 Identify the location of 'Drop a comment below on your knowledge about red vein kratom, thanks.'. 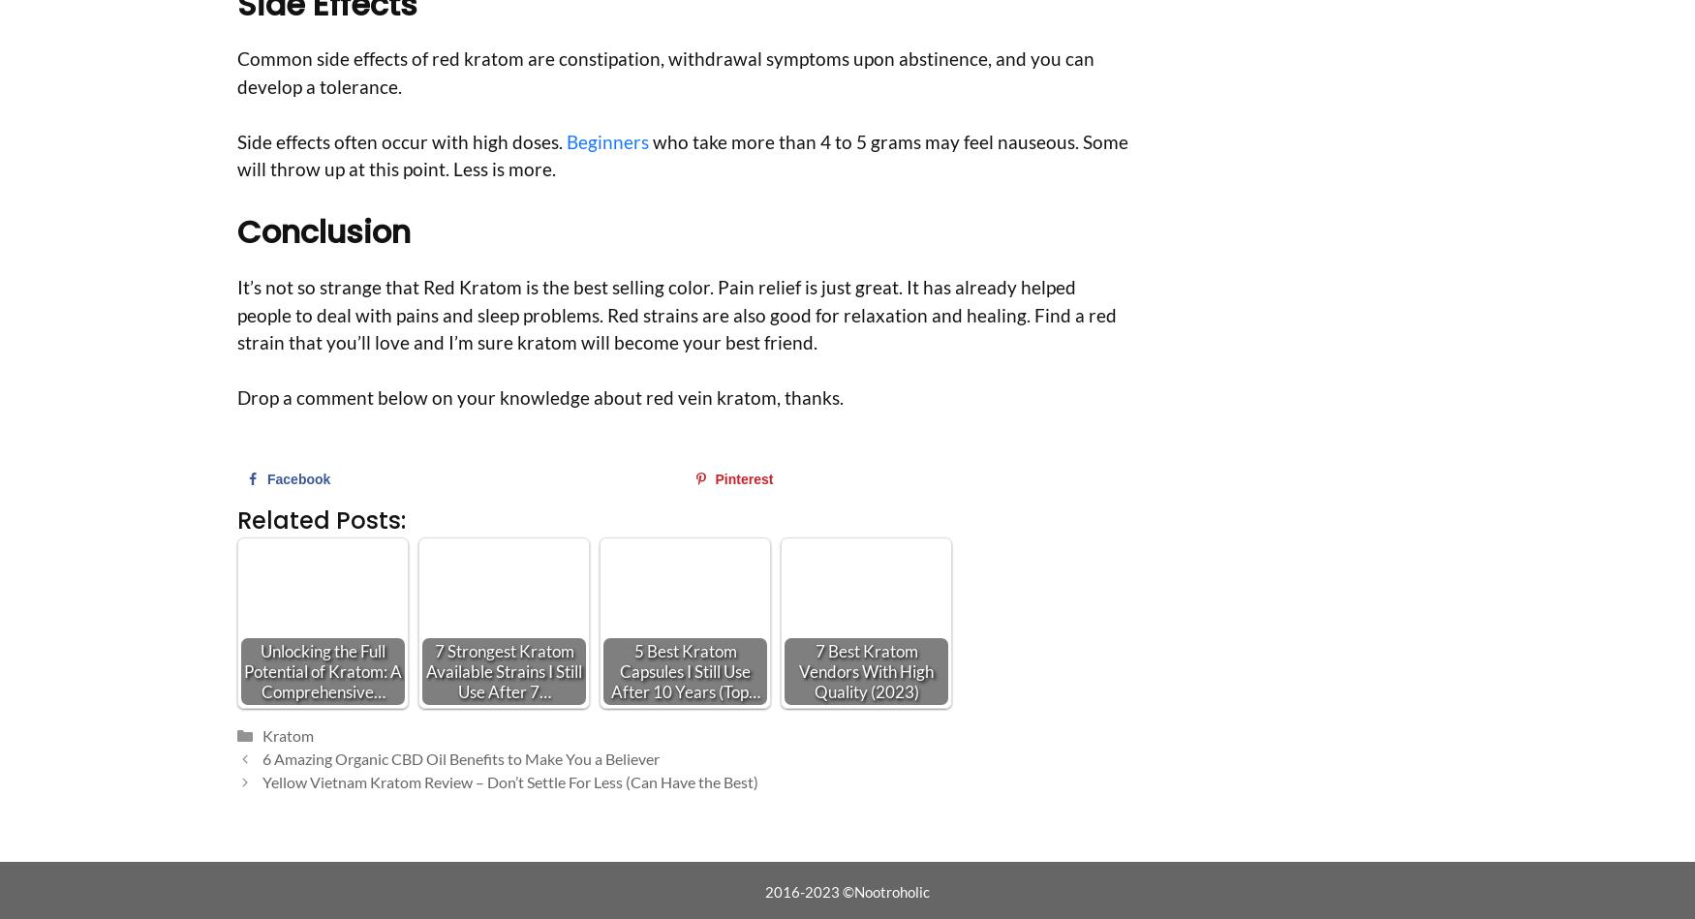
(539, 397).